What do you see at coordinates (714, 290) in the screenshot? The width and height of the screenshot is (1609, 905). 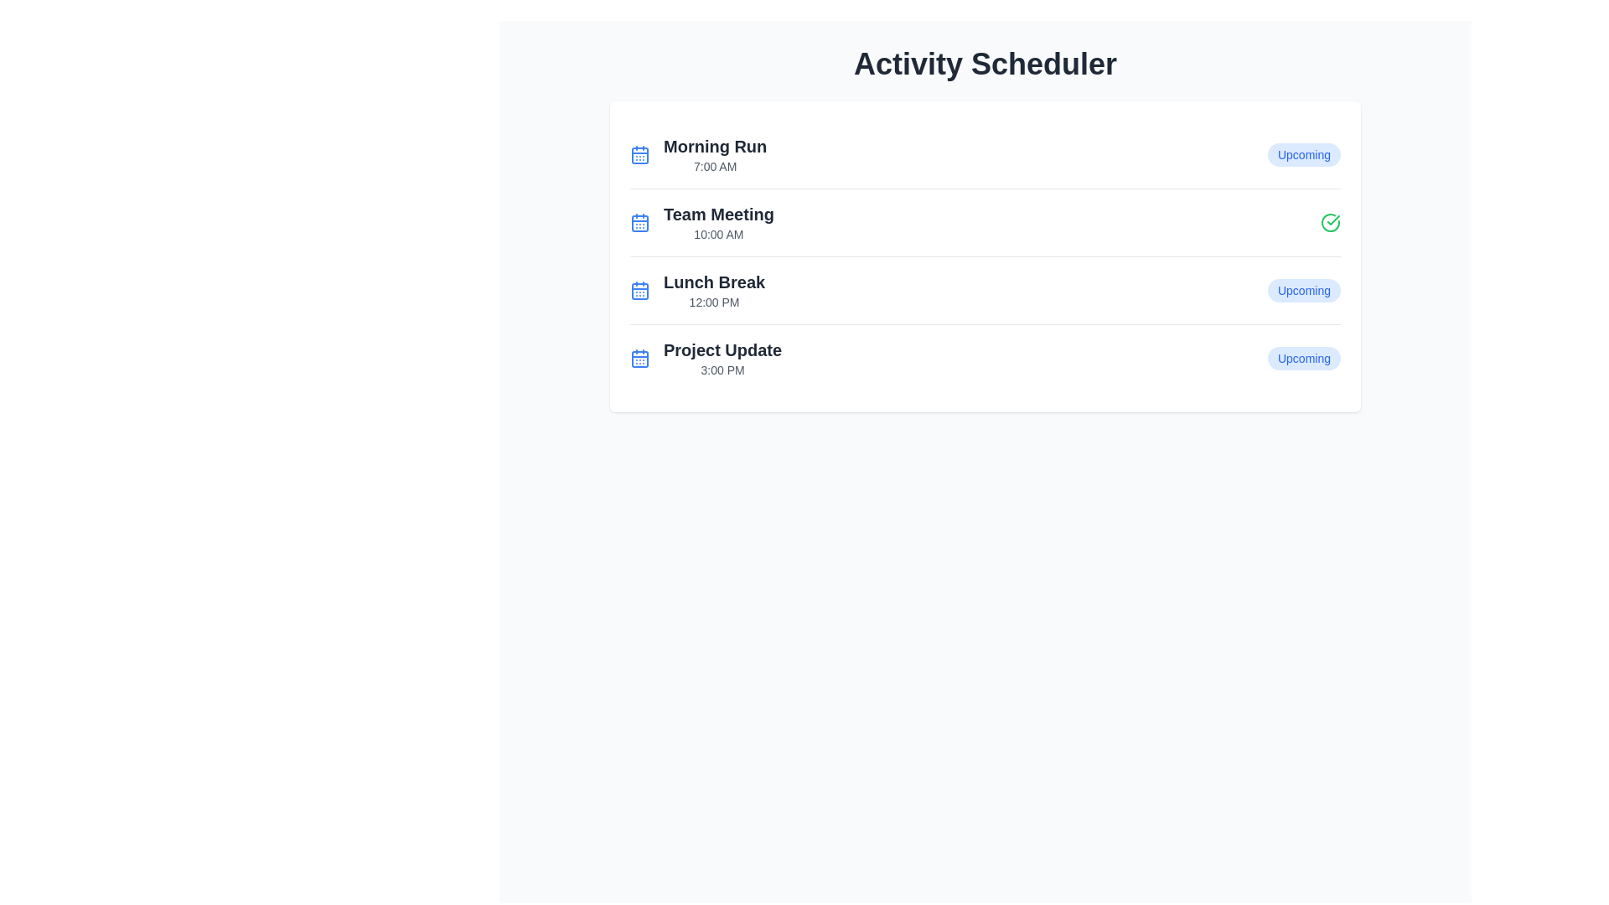 I see `information displayed in the text element showing the event titled 'Lunch Break' at '12:00 PM', which is located below 'Team Meeting' and above 'Project Update'` at bounding box center [714, 290].